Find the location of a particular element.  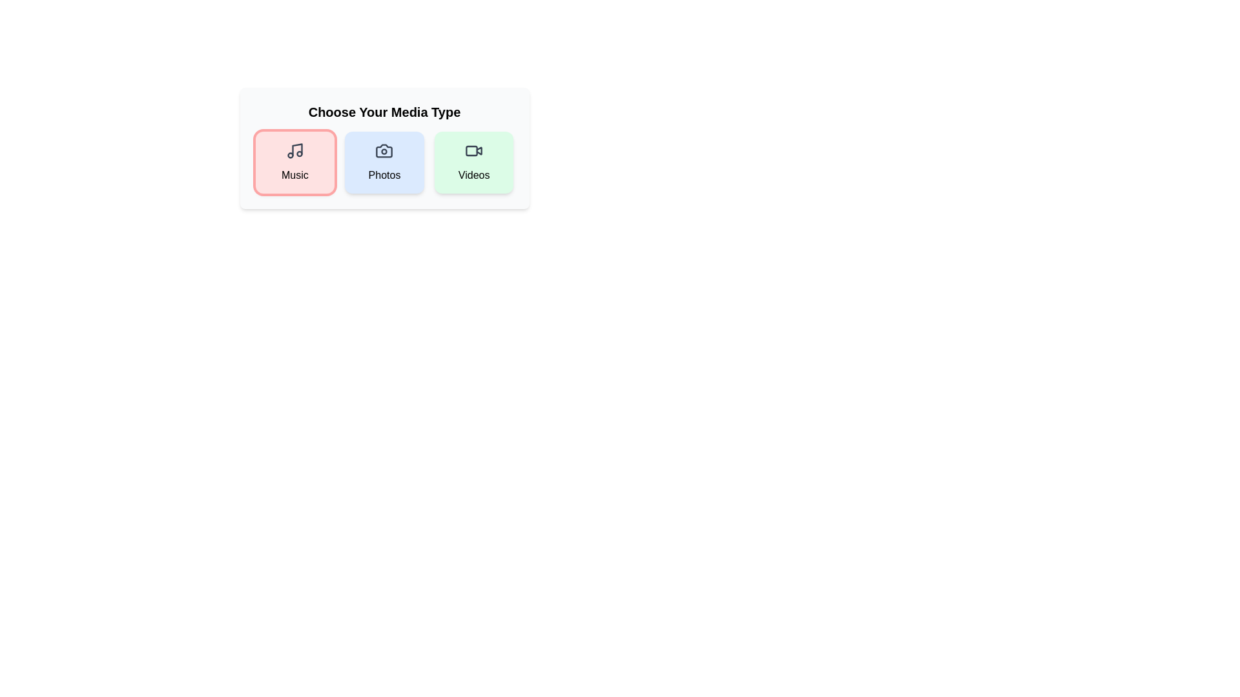

the video icon decoration located on the rightmost segment of the 'Videos' button in the second row of media type selection, which visually represents a camera or playback icon is located at coordinates (479, 150).